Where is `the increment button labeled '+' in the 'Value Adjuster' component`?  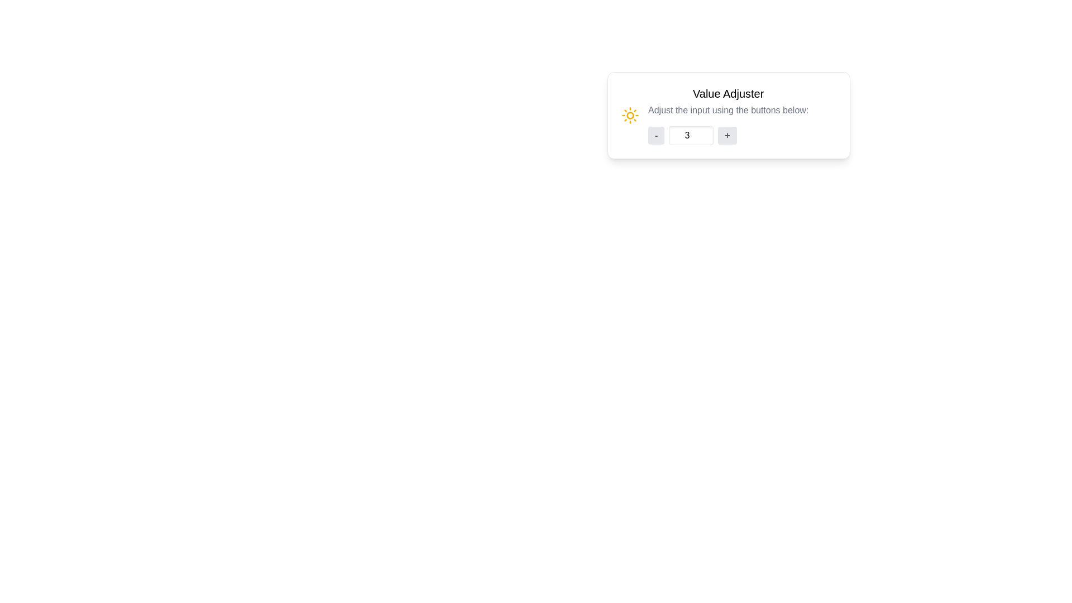 the increment button labeled '+' in the 'Value Adjuster' component is located at coordinates (728, 135).